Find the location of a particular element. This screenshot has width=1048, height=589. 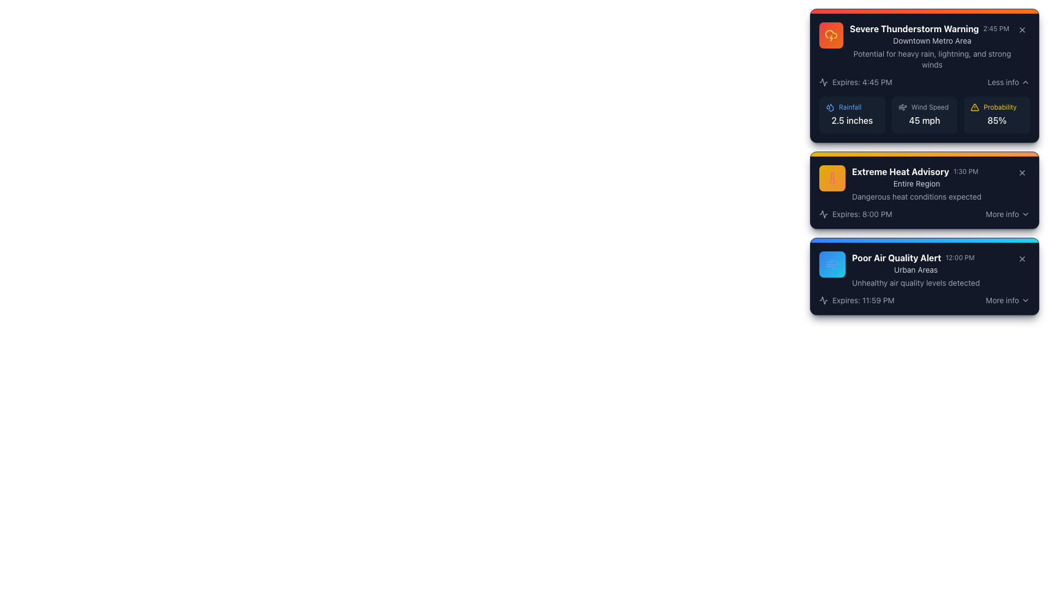

the activity indicator icon located at the leftmost side of the row containing the text 'Expires: 11:59 PM' is located at coordinates (823, 300).